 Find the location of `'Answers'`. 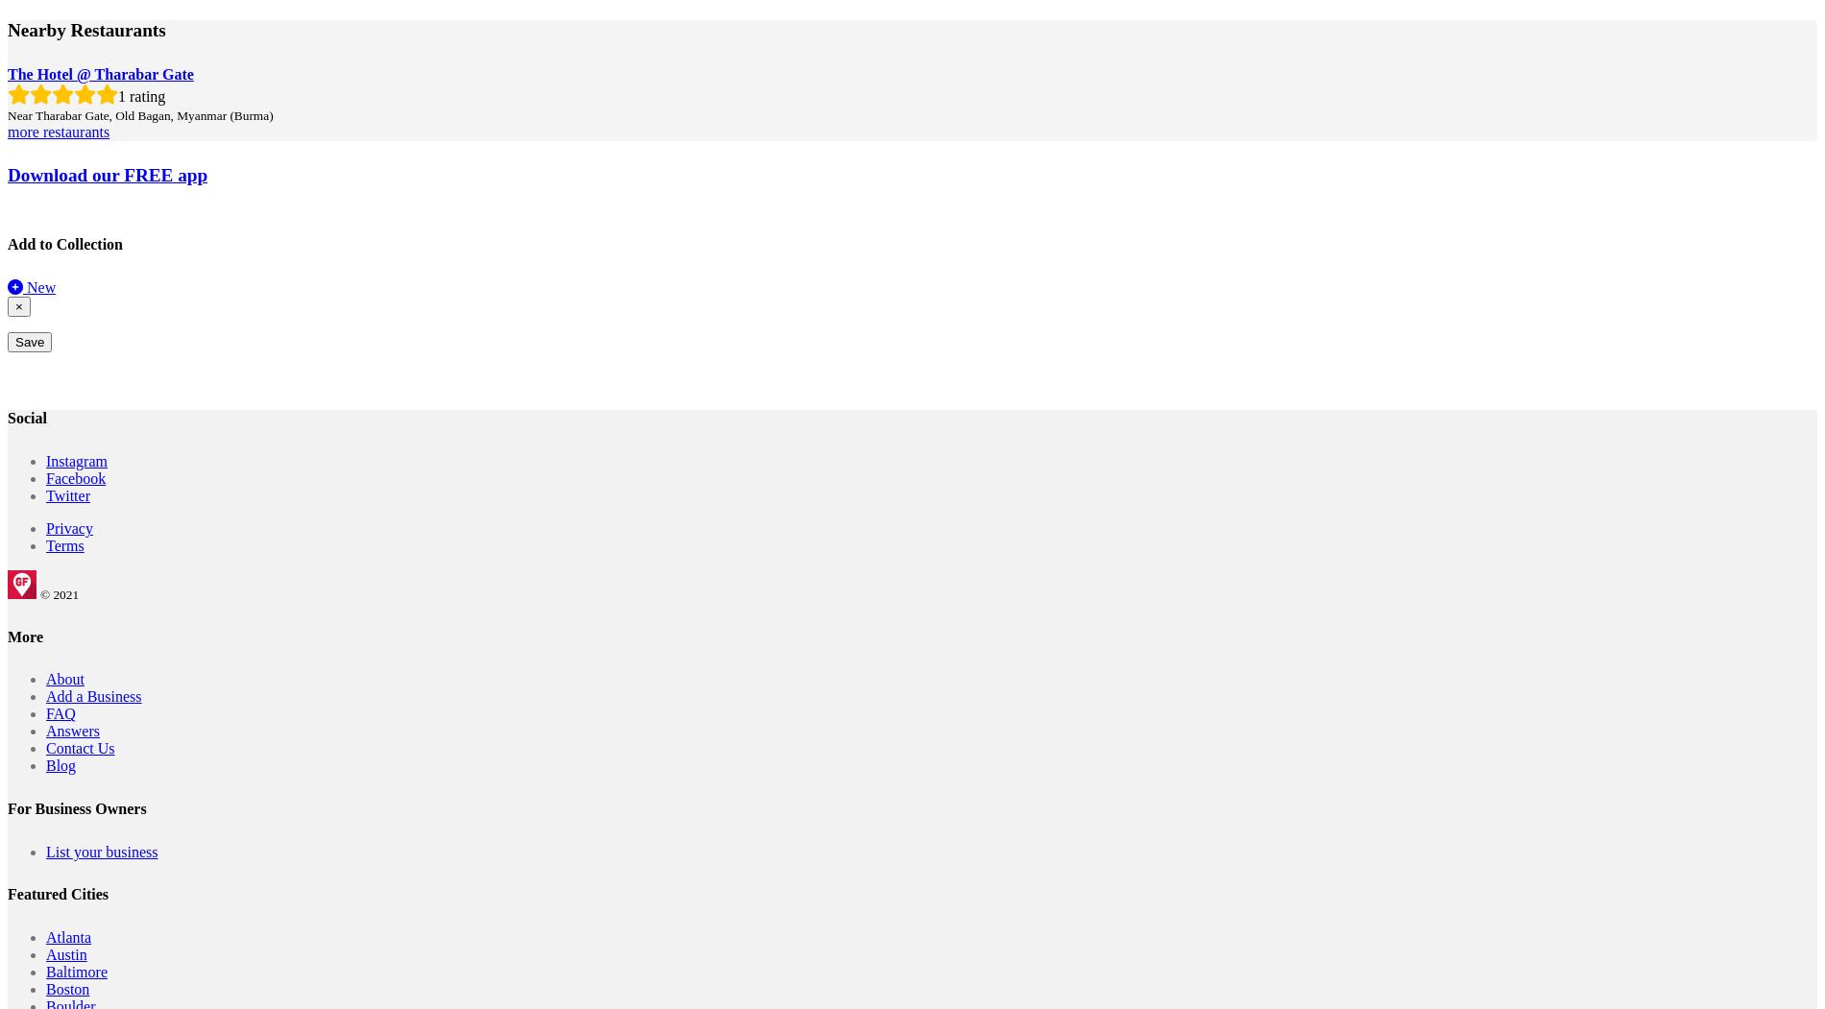

'Answers' is located at coordinates (73, 731).